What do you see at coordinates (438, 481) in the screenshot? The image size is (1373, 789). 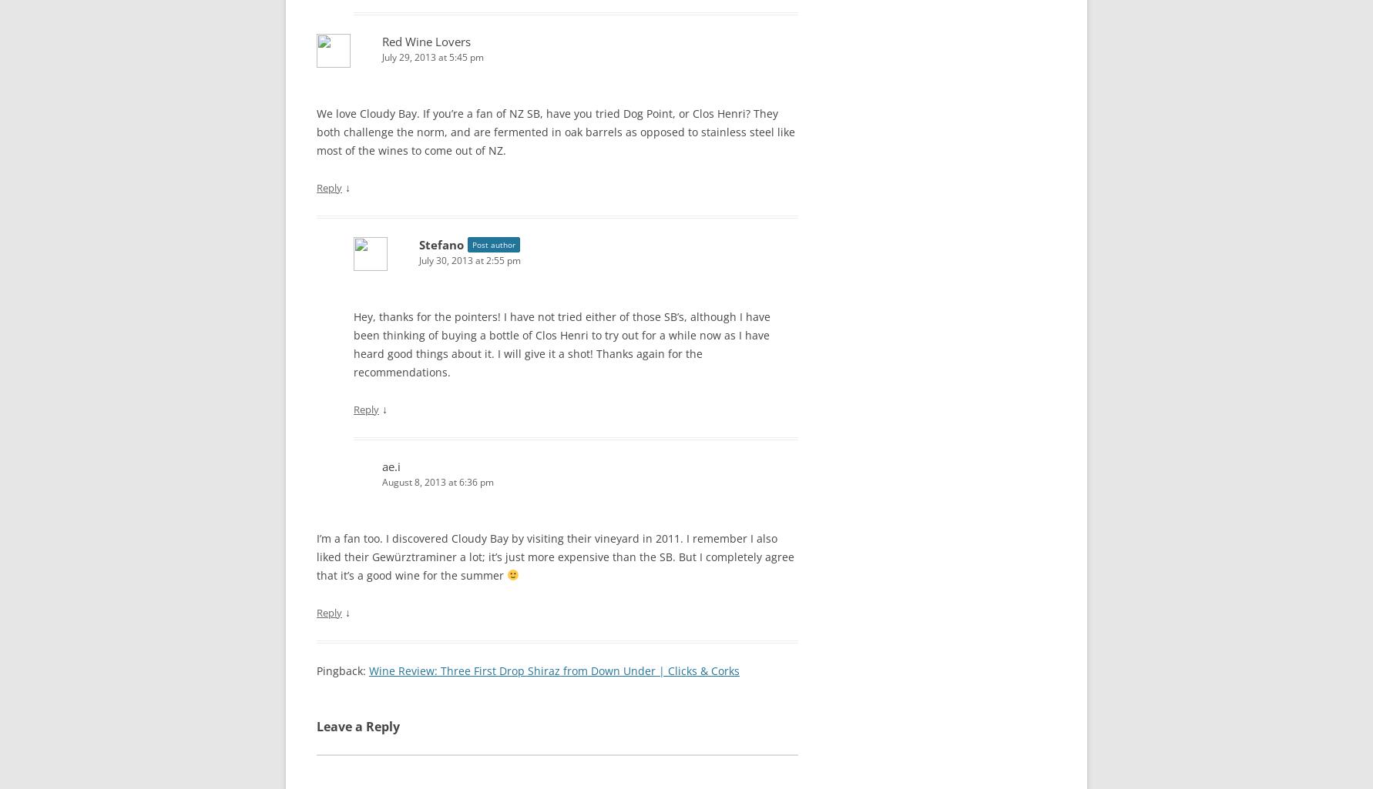 I see `'August 8, 2013 at 6:36 pm'` at bounding box center [438, 481].